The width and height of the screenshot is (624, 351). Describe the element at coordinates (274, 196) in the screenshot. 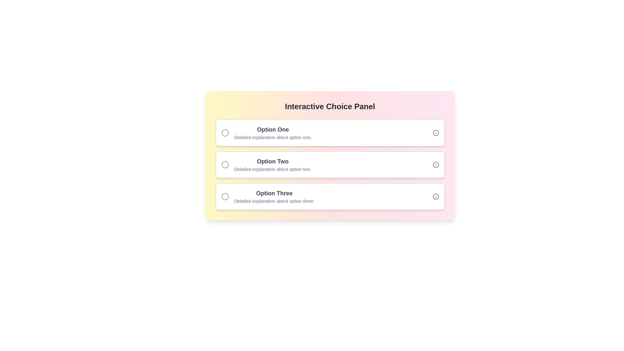

I see `the text block that contains the header 'Option Three' and the description 'Detailed explanation about option three.' located in the third position of the vertically stacked selection group` at that location.